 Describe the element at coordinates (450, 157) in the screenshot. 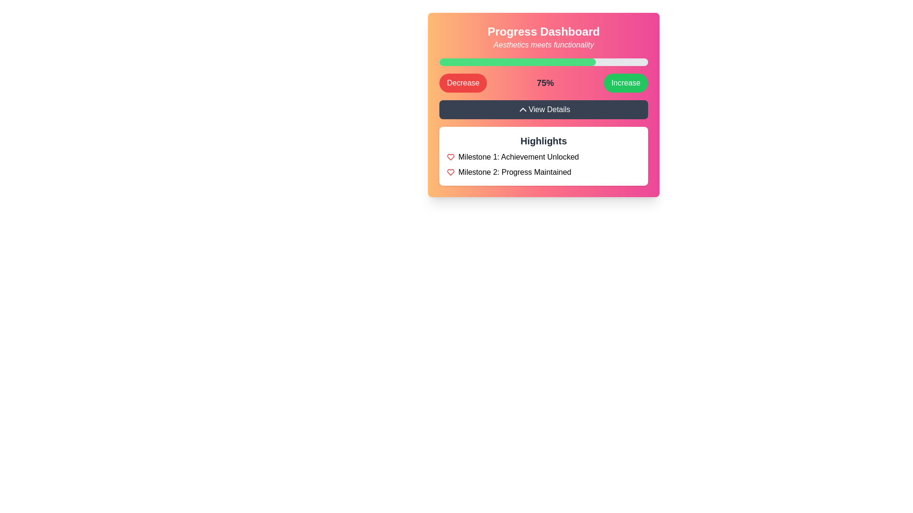

I see `the heart-shaped 'like' icon located in the 'Highlights' section, positioned below 'Milestone 1: Achievement Unlocked'` at that location.